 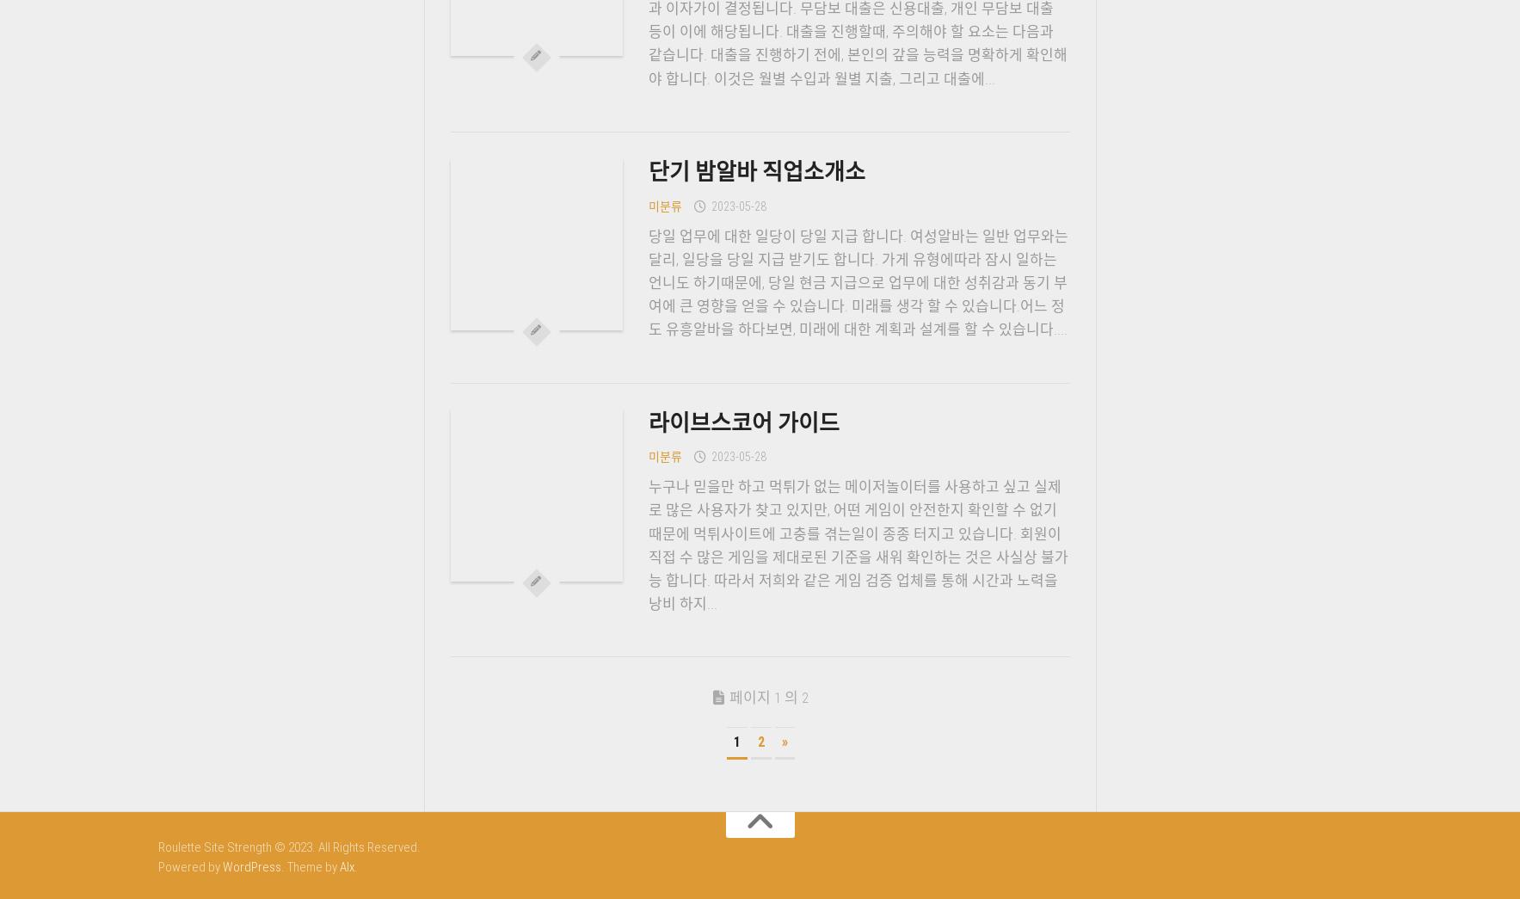 I want to click on '페이지 1 의 2', so click(x=768, y=698).